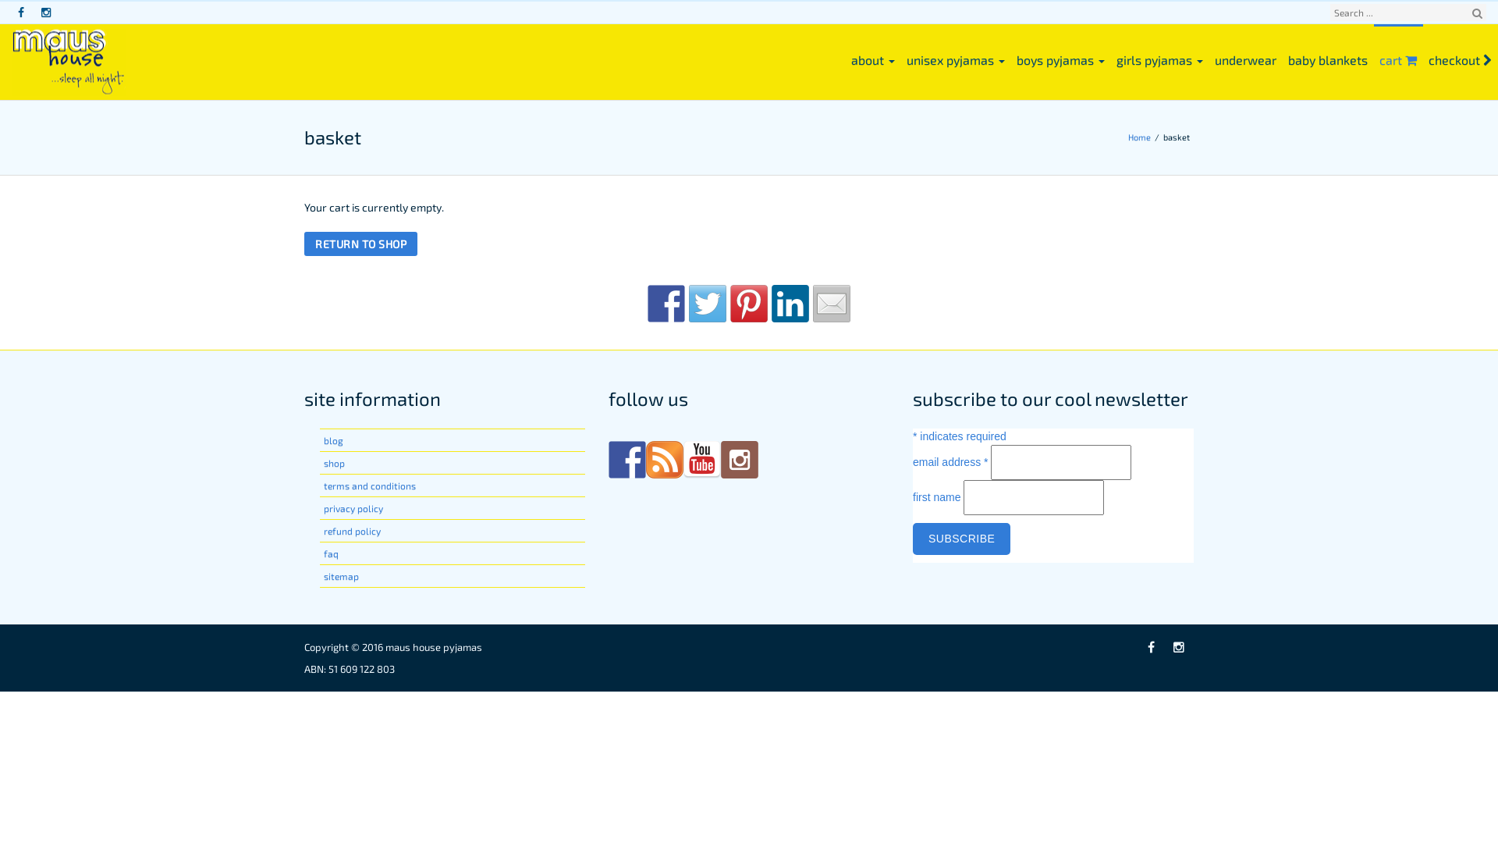  Describe the element at coordinates (960, 538) in the screenshot. I see `'subscribe'` at that location.